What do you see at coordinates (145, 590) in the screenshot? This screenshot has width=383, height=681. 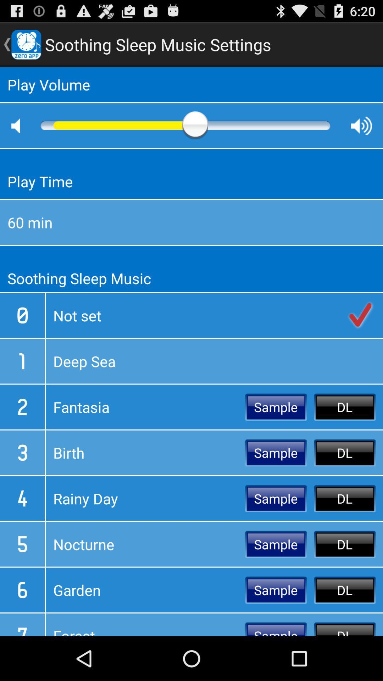 I see `the garden` at bounding box center [145, 590].